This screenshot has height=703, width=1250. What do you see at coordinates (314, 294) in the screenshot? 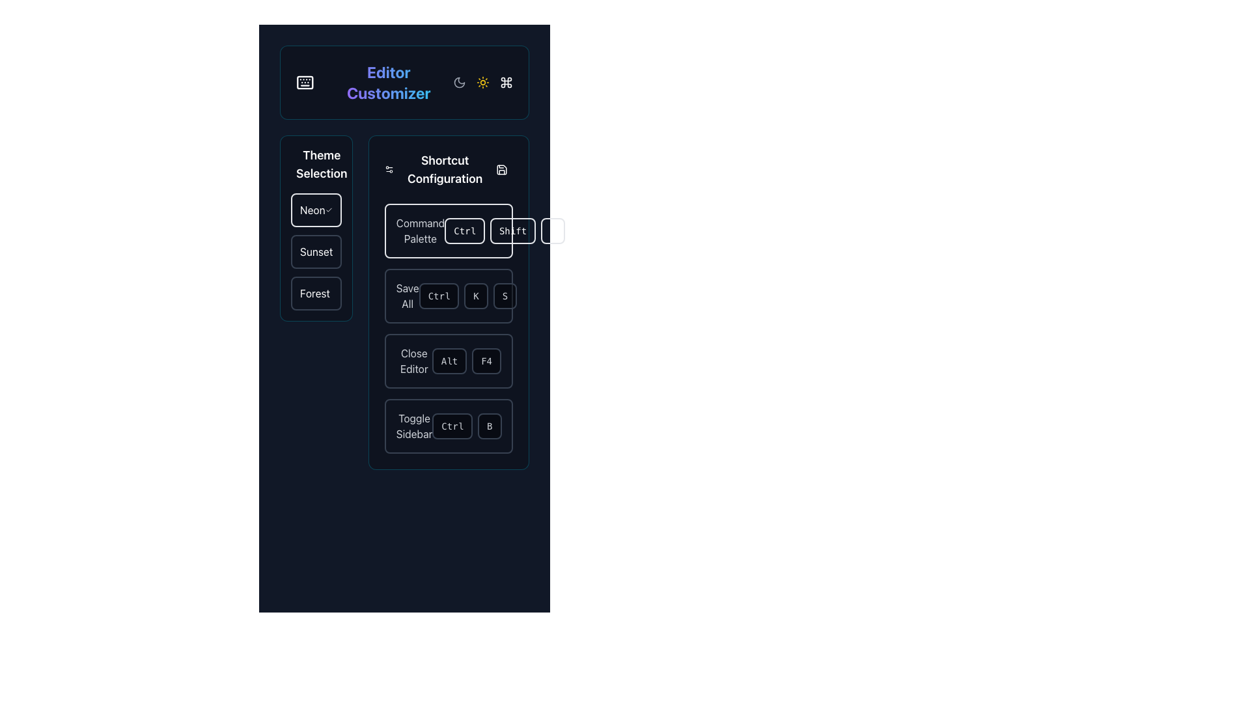
I see `the 'Forest' text label` at bounding box center [314, 294].